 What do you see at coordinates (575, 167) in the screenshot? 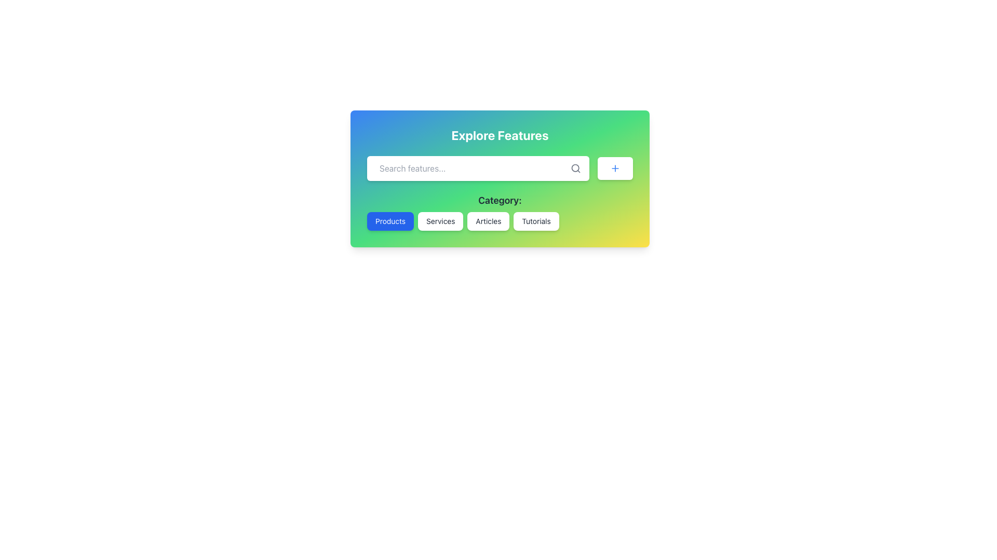
I see `the search SVG icon located to the far right of the search bar` at bounding box center [575, 167].